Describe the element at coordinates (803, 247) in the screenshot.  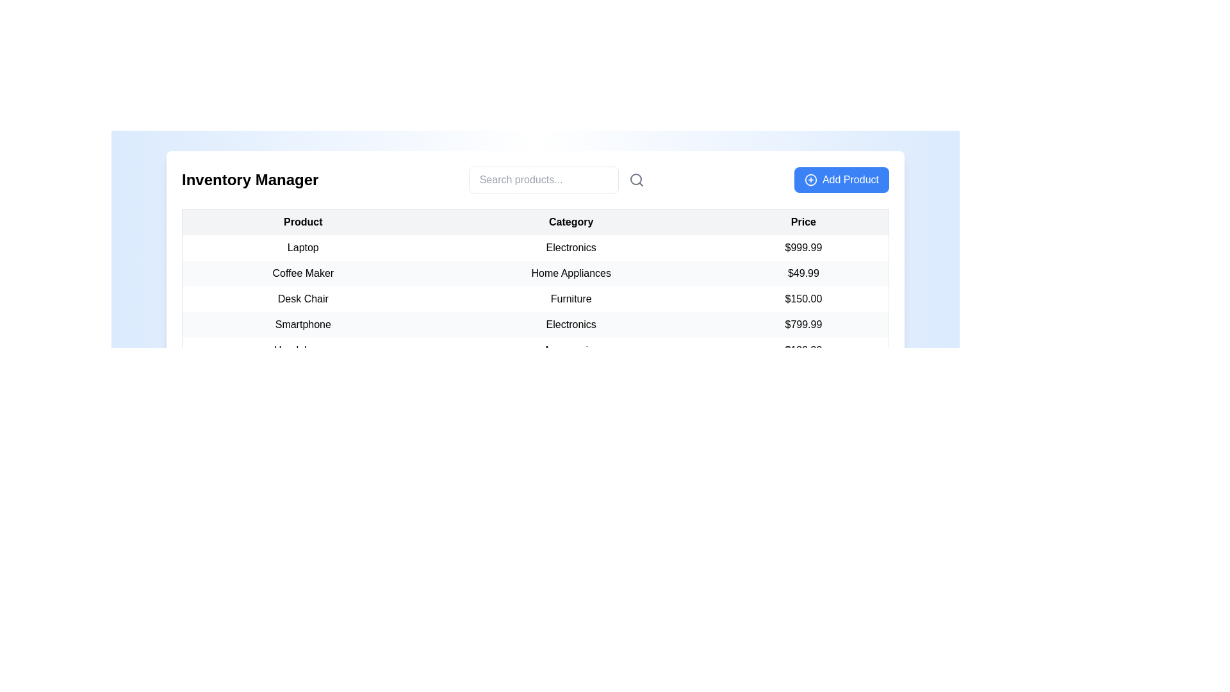
I see `price text displayed in bold black as '$999.99' located in the Price column under the Laptop product in the Electronics category` at that location.